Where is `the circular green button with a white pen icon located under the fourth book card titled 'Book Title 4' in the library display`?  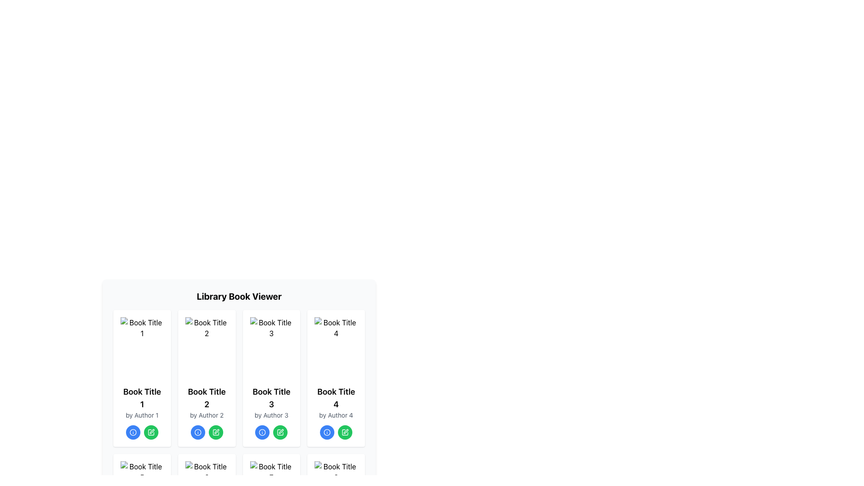
the circular green button with a white pen icon located under the fourth book card titled 'Book Title 4' in the library display is located at coordinates (345, 432).